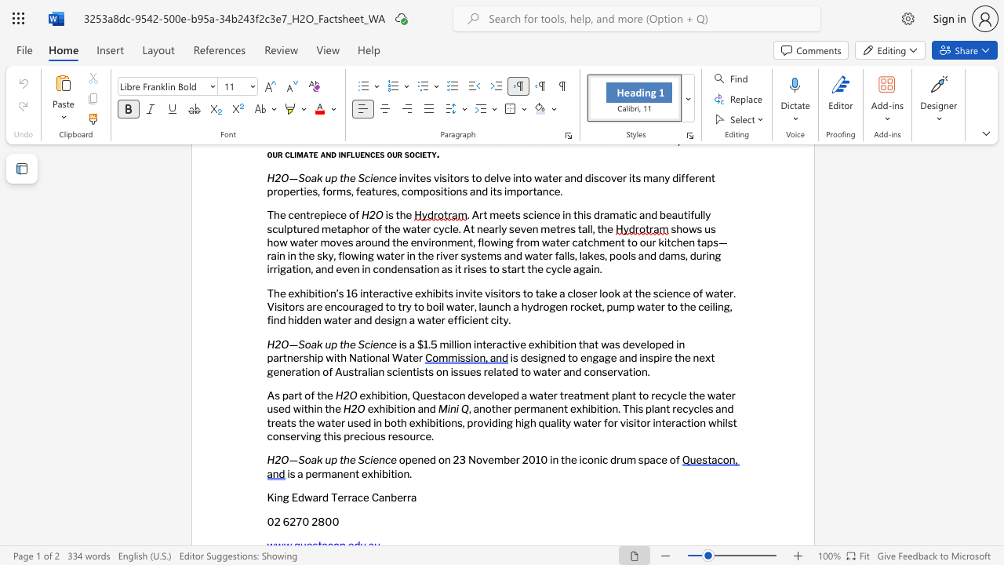 Image resolution: width=1004 pixels, height=565 pixels. I want to click on the subset text "2O" within the text "H2O—Soak up the Science", so click(275, 459).